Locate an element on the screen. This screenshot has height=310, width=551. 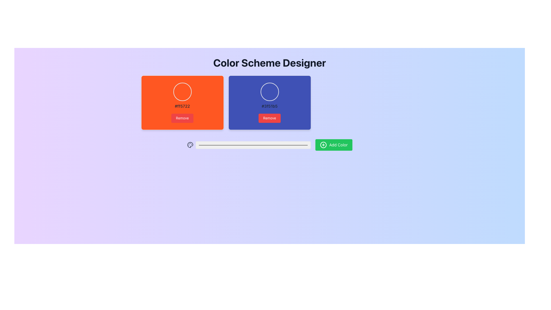
the color selection icon located to the left of the color input field in the 'colorPicker' group is located at coordinates (190, 145).